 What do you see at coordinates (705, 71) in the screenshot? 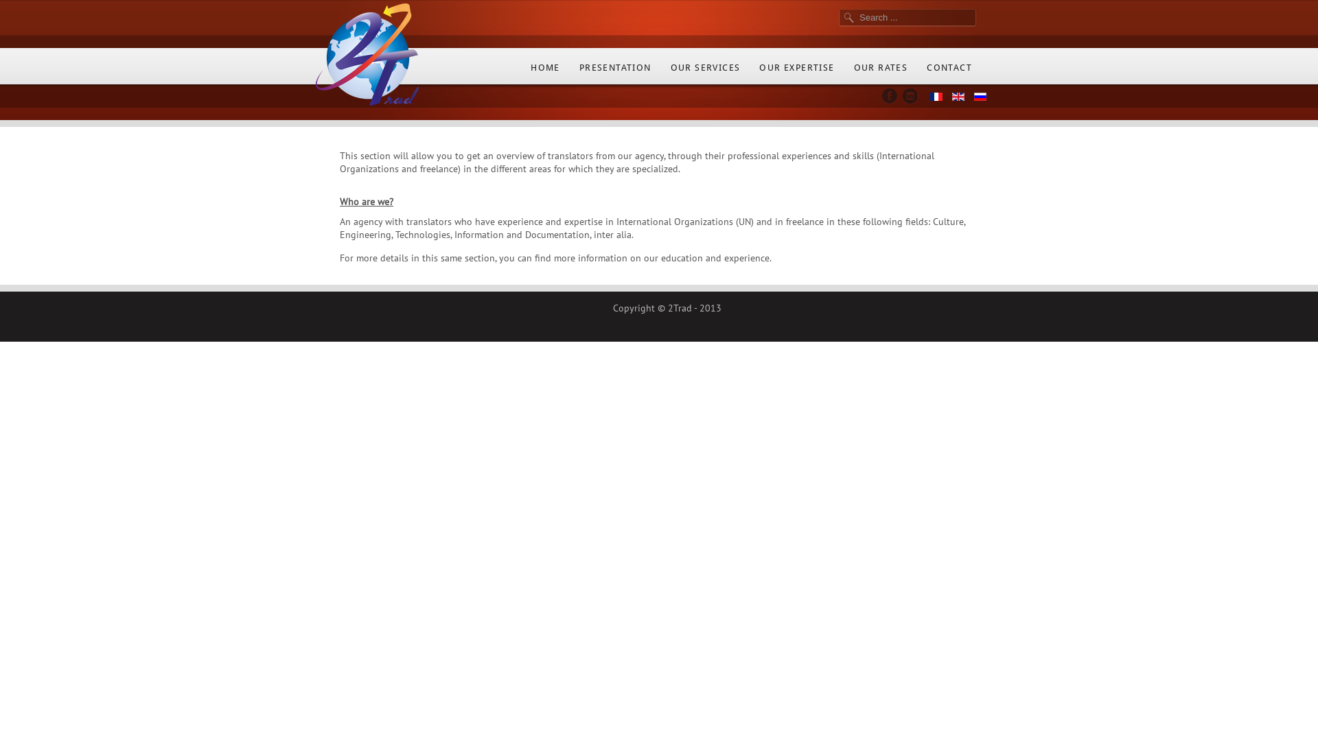
I see `'OUR SERVICES'` at bounding box center [705, 71].